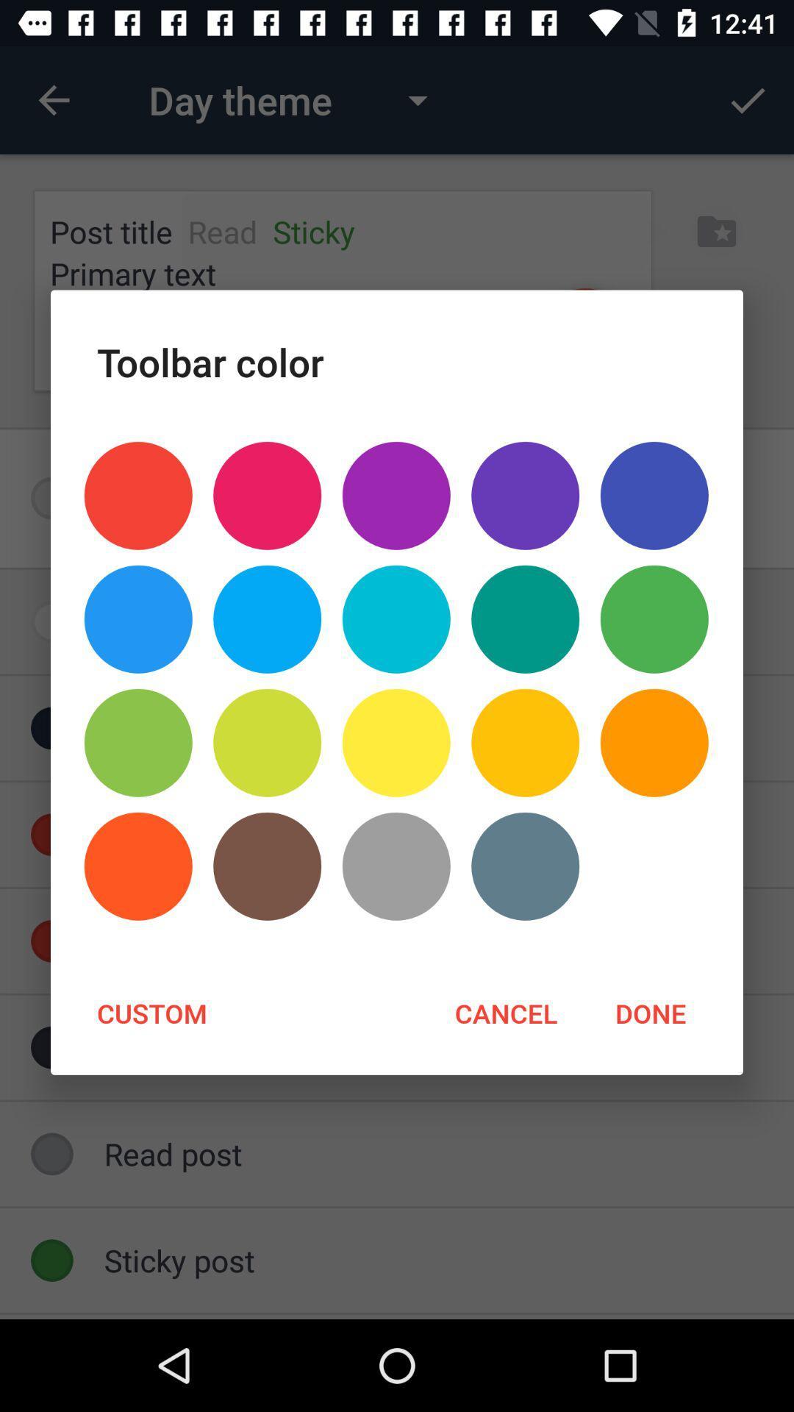 This screenshot has width=794, height=1412. I want to click on the custom at the bottom left corner, so click(152, 1012).